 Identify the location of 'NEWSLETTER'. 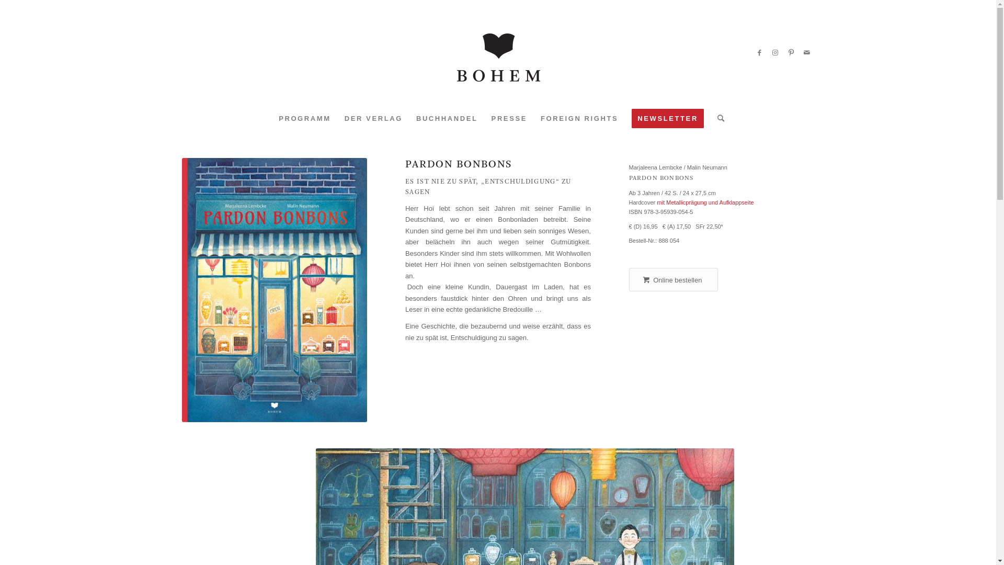
(625, 118).